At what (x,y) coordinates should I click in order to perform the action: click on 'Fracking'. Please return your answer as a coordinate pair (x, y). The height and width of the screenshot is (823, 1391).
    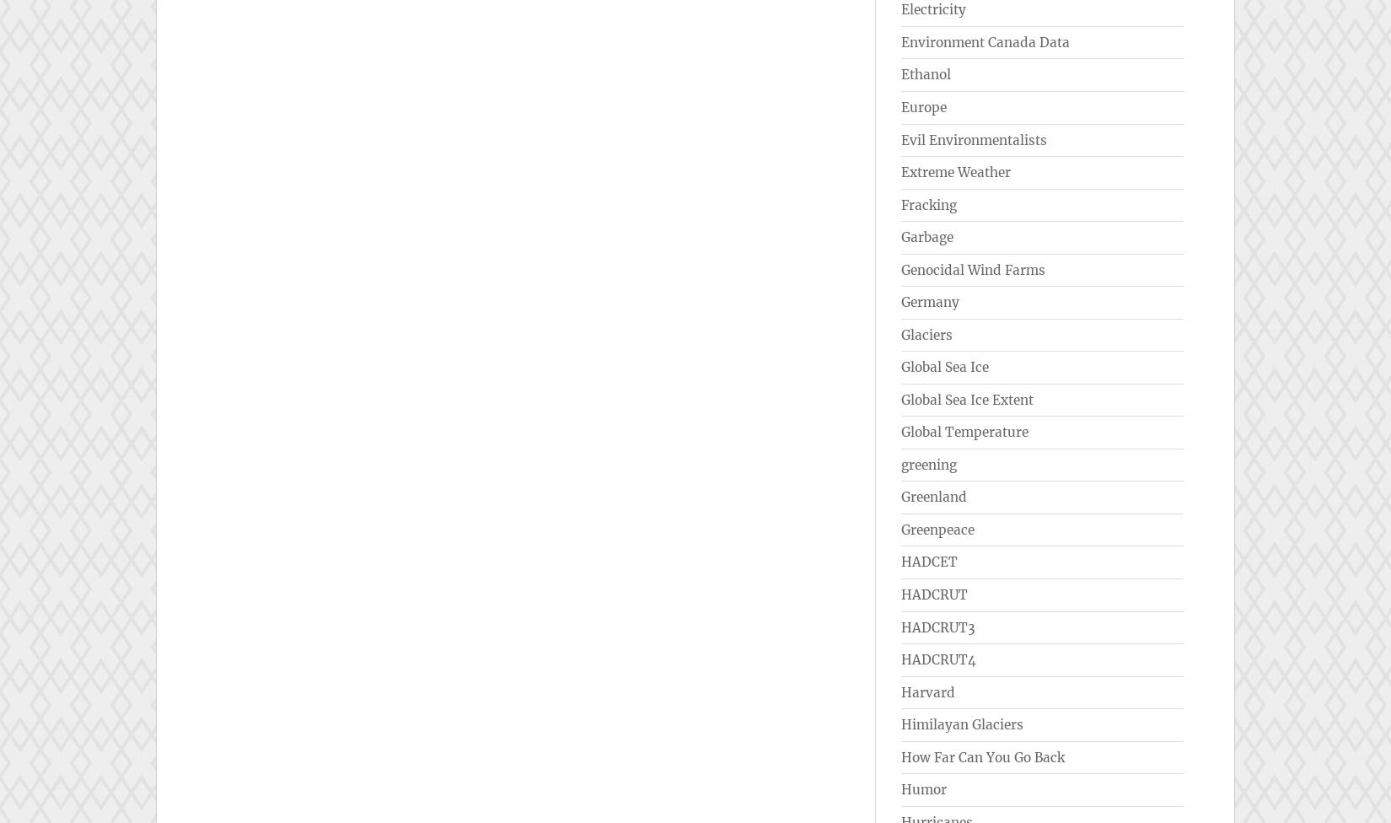
    Looking at the image, I should click on (901, 203).